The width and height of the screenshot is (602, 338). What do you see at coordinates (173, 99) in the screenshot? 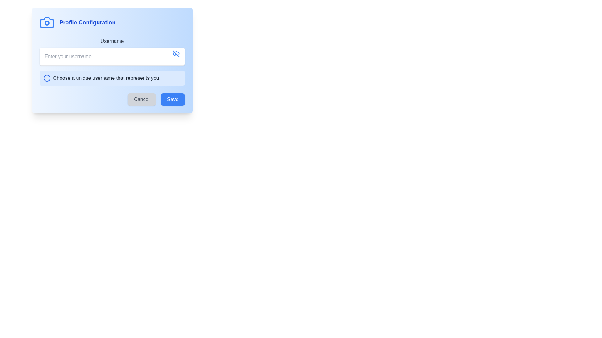
I see `the blue 'Save' button with white text located at the bottom-right corner of the modal dialog to observe the hover effect` at bounding box center [173, 99].